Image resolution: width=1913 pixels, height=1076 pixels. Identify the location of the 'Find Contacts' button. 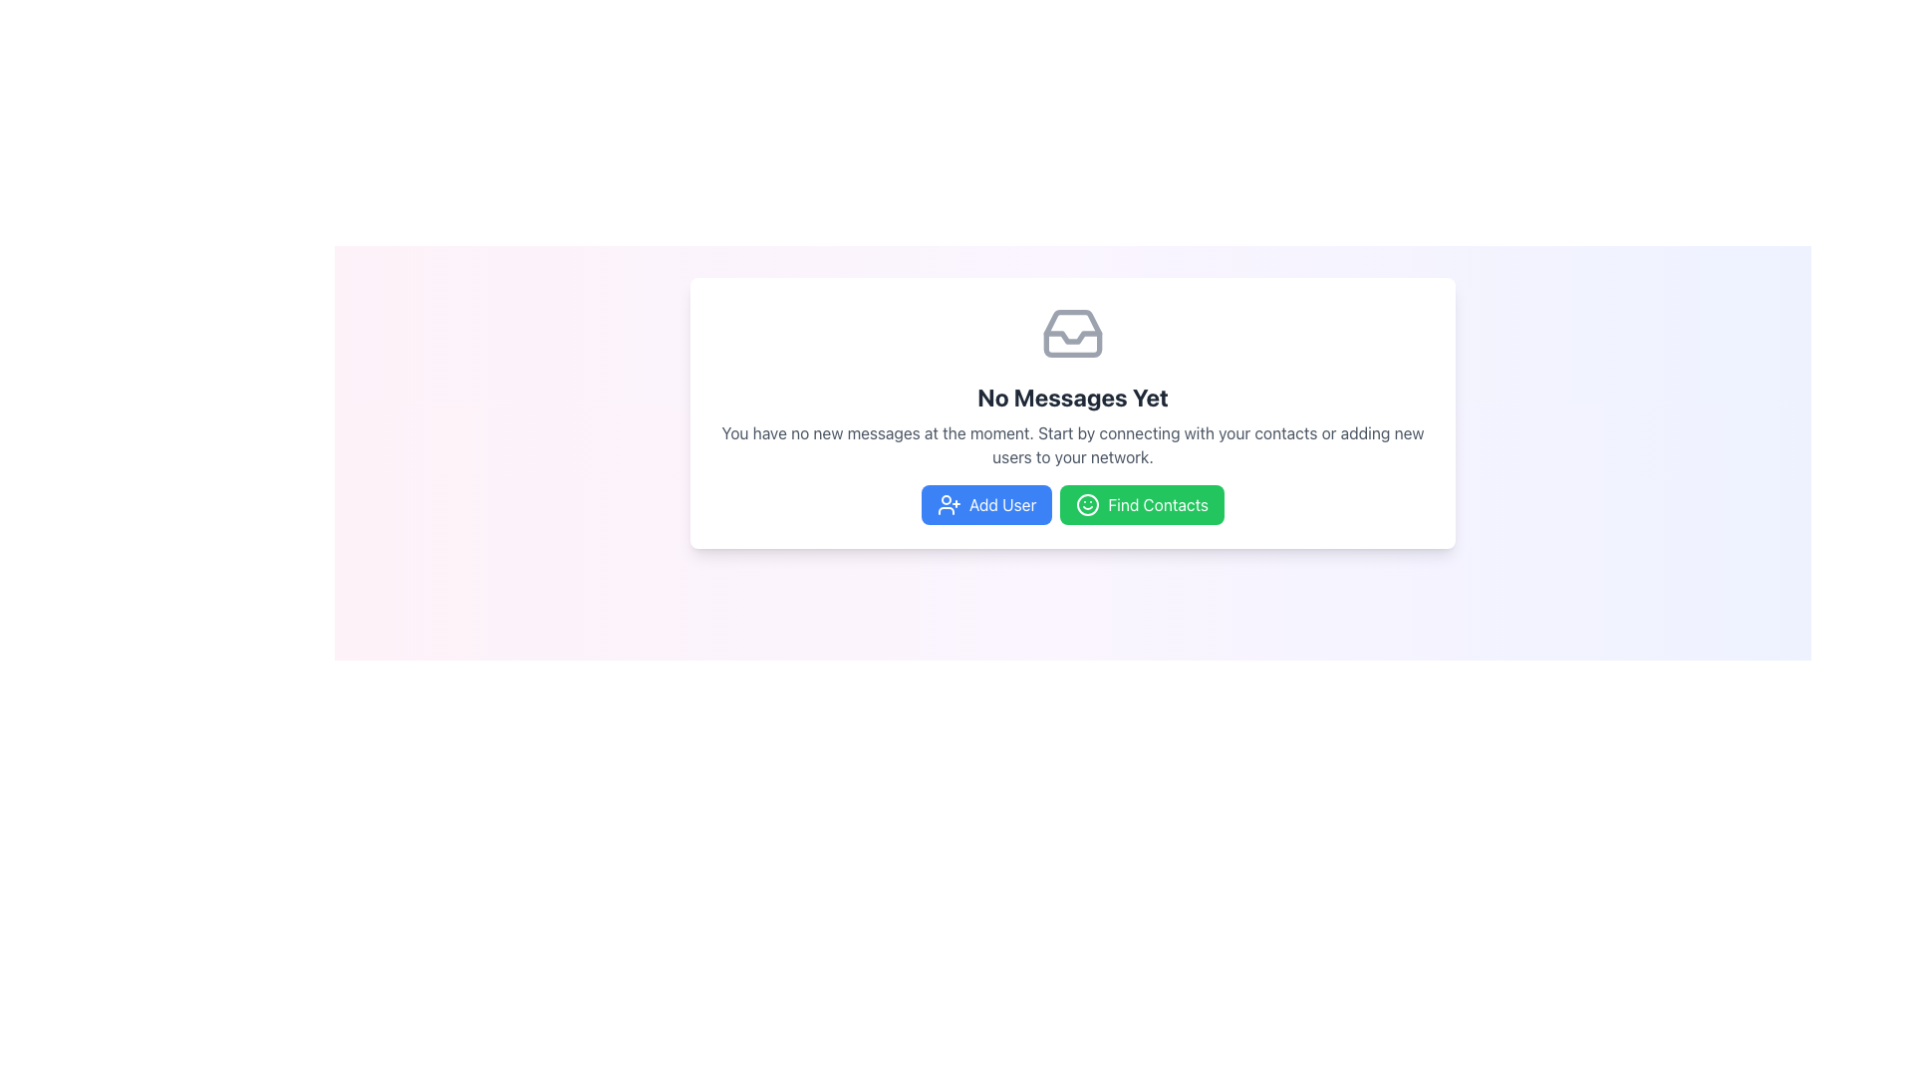
(1142, 503).